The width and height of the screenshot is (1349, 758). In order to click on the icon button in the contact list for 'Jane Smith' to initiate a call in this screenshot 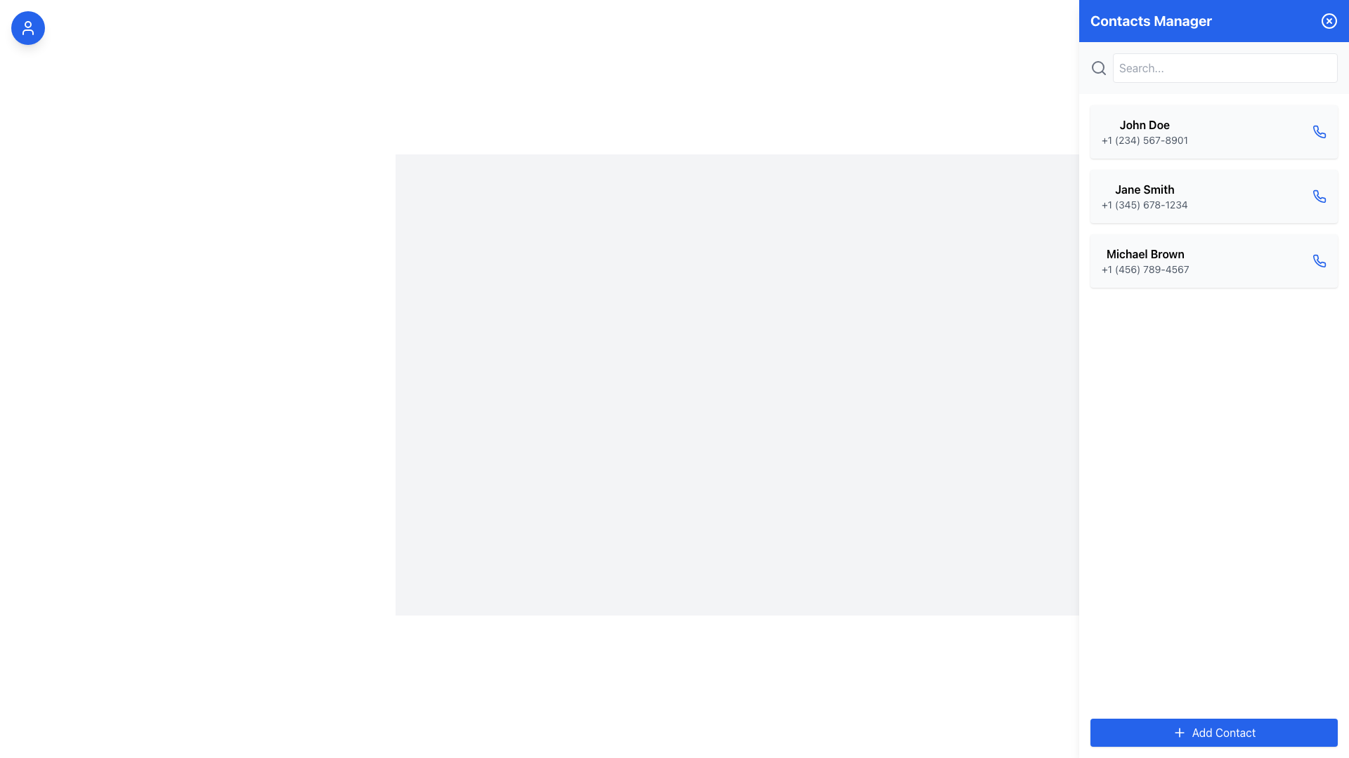, I will do `click(1318, 197)`.